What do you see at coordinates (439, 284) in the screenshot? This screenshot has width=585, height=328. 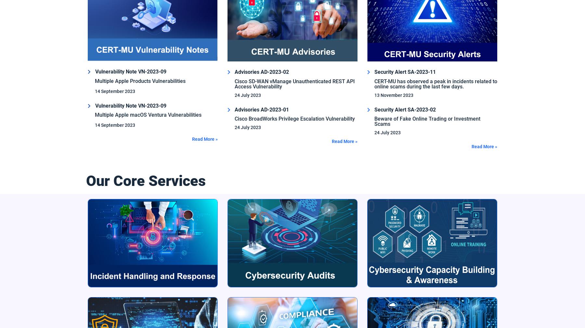 I see `'Designed and Hosted by the Government Online Centre'` at bounding box center [439, 284].